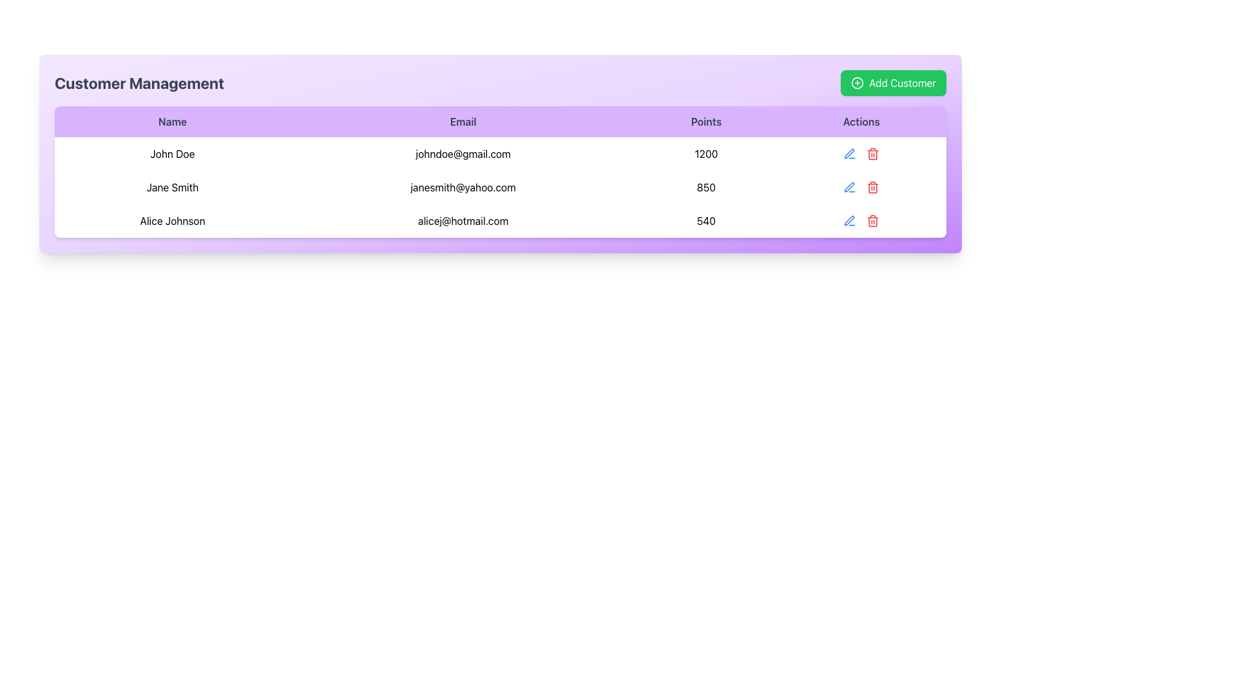 This screenshot has height=696, width=1237. I want to click on the text display element showing points for user 'Jane Smith', so click(705, 187).